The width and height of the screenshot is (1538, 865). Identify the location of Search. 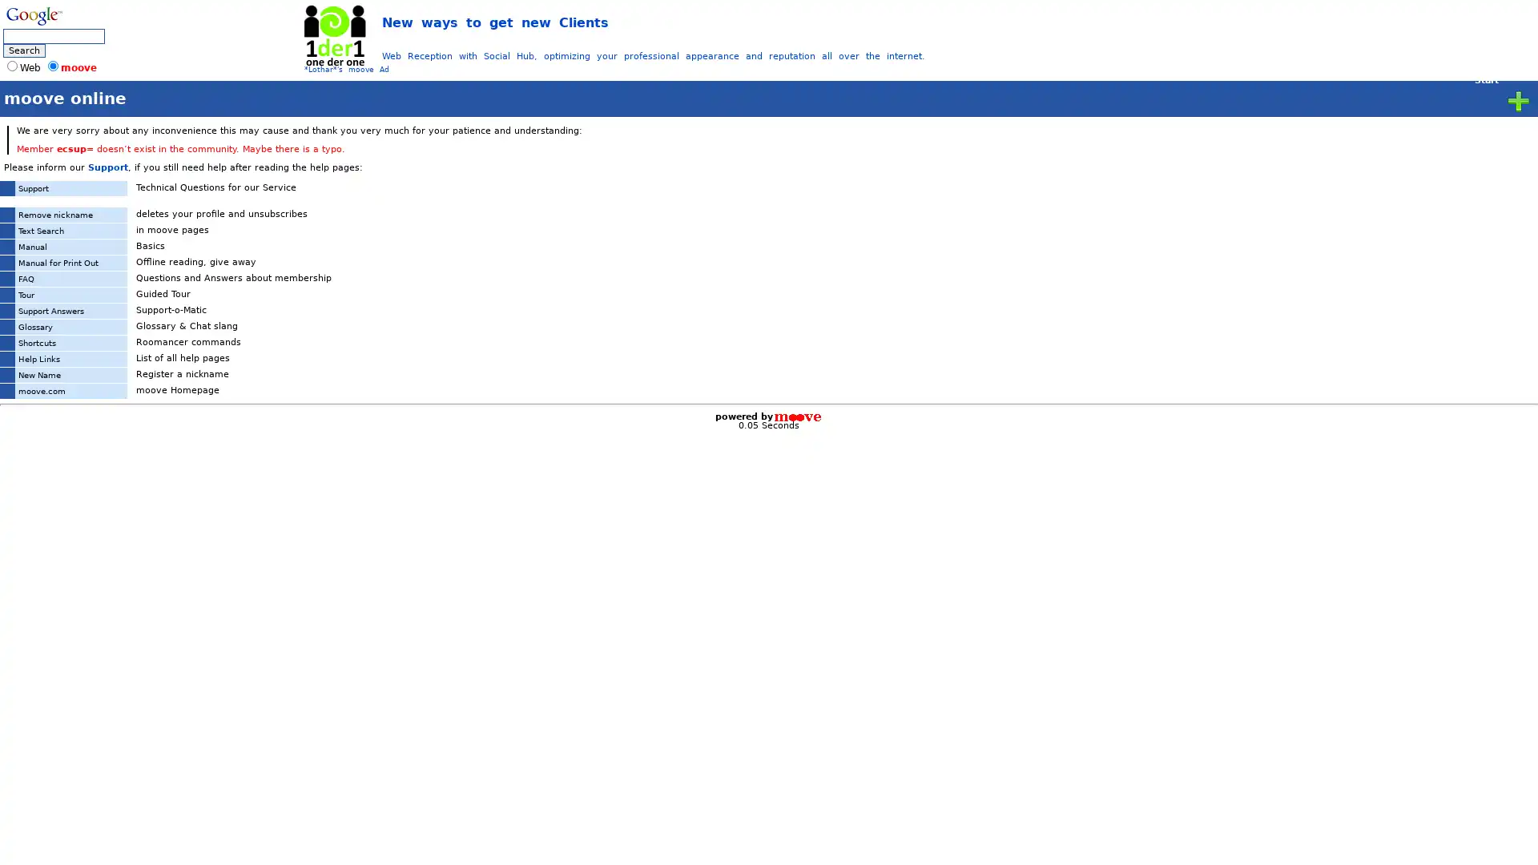
(24, 50).